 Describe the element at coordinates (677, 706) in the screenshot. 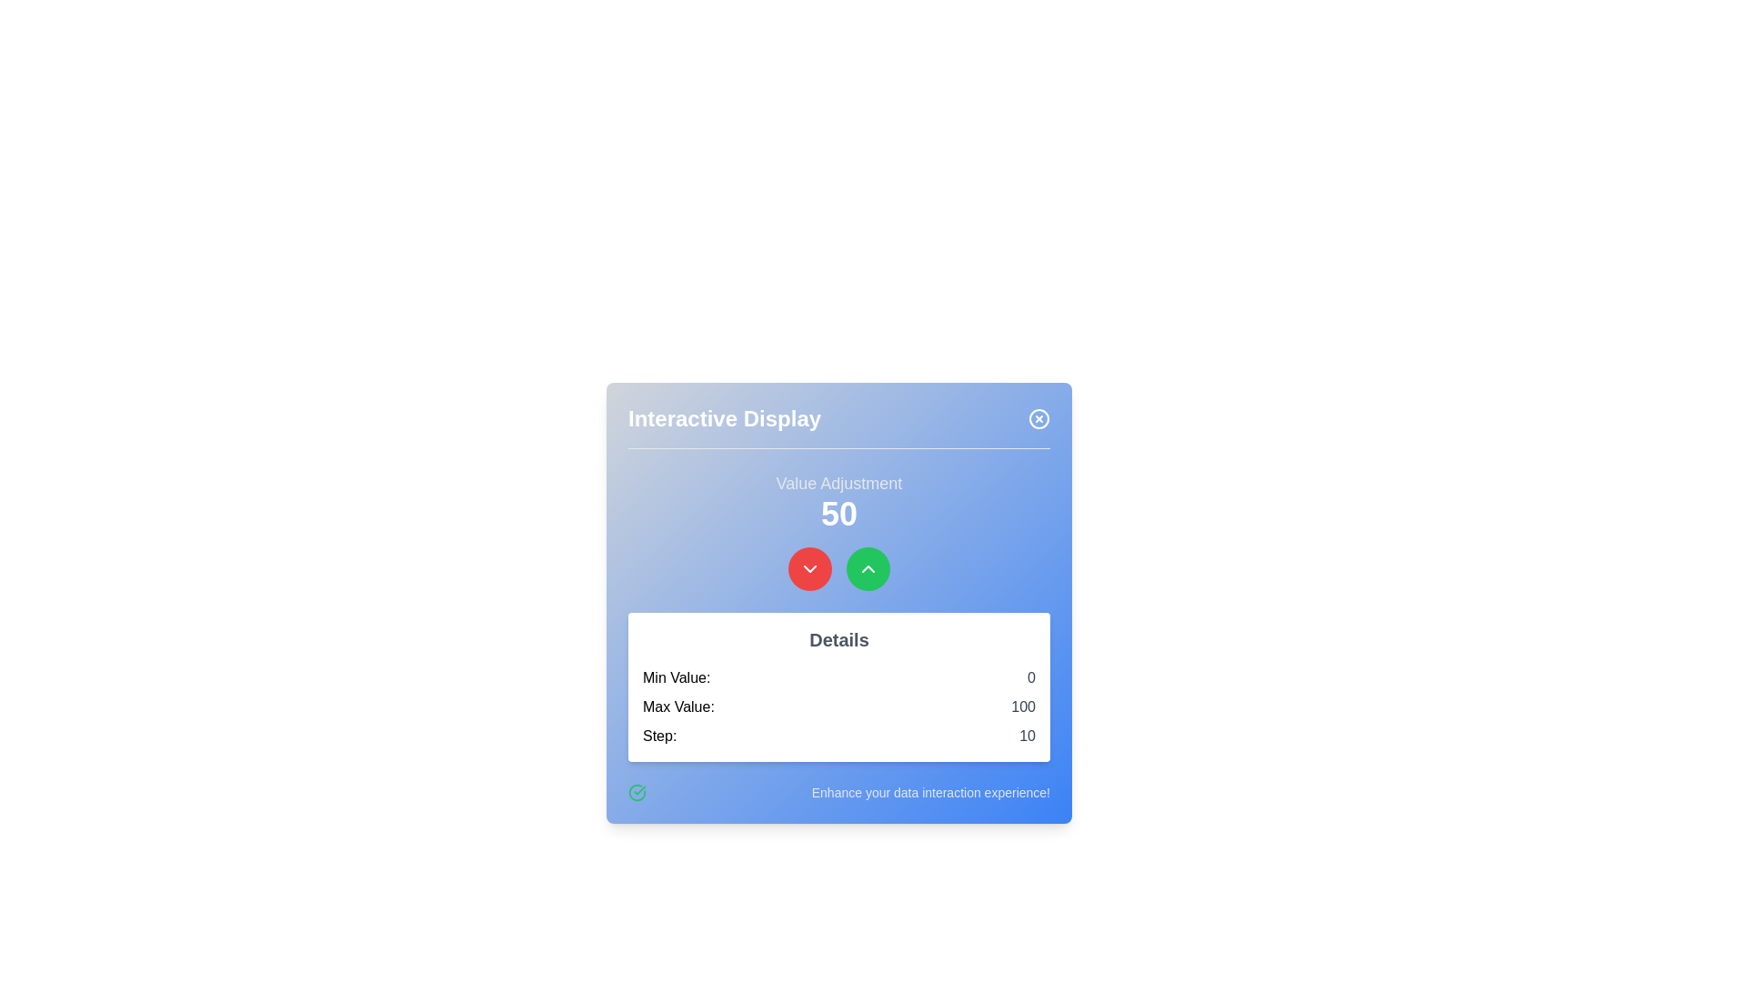

I see `the text label indicating the 'Max Value' which is aligned vertically with 'Min Value' and 'Step'` at that location.